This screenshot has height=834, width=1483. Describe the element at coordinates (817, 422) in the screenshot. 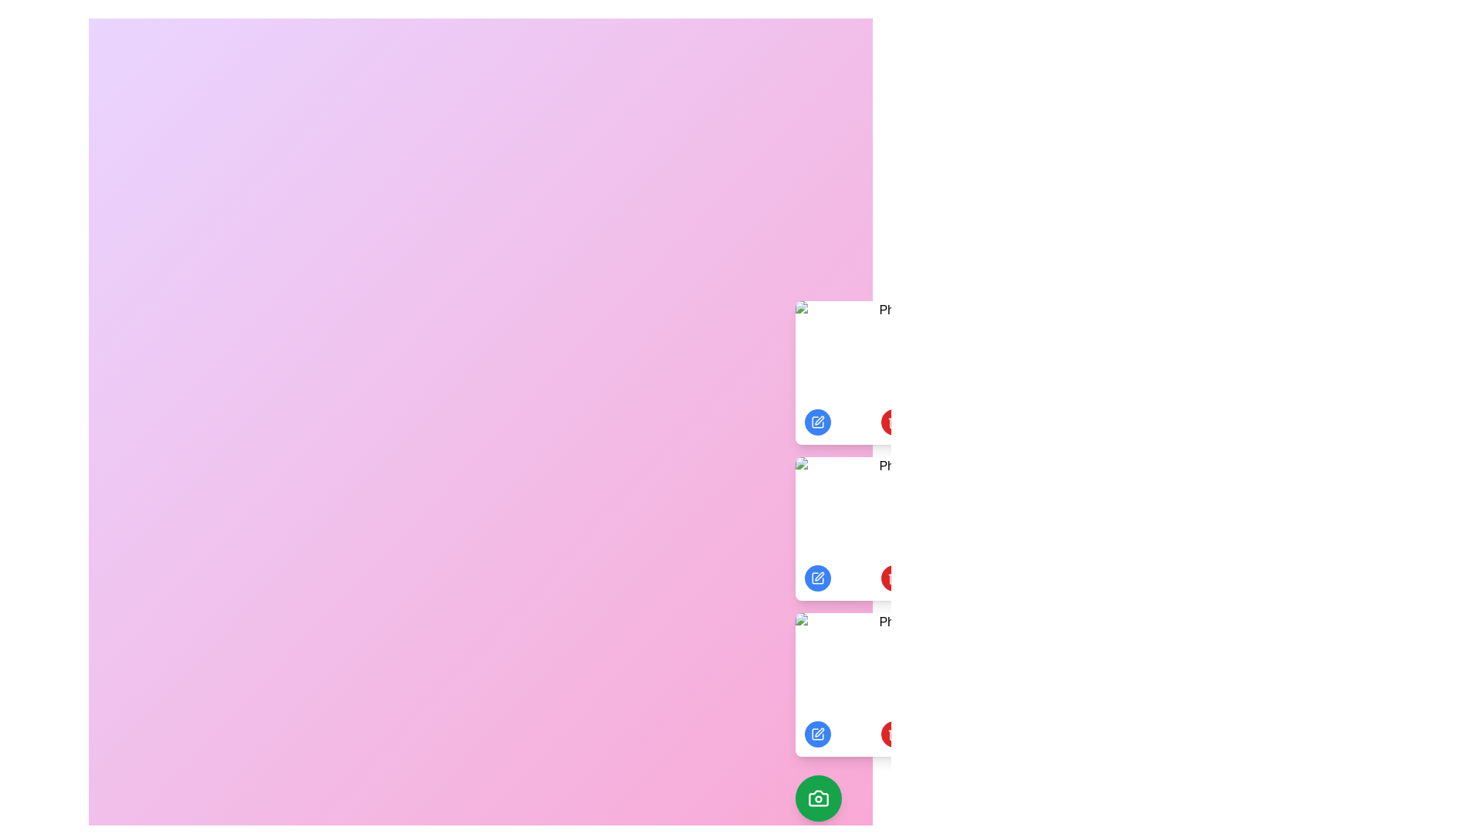

I see `the blue edit button under the first photo` at that location.